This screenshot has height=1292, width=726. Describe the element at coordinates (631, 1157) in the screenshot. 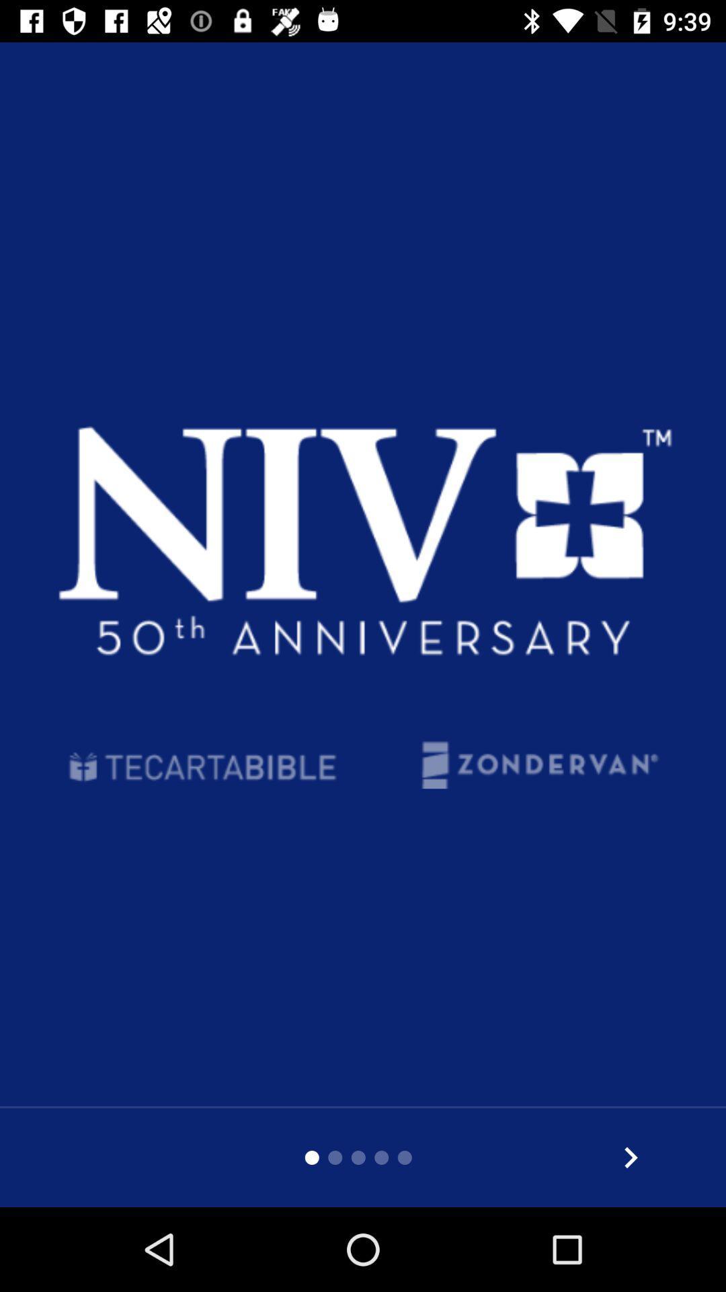

I see `go forward` at that location.